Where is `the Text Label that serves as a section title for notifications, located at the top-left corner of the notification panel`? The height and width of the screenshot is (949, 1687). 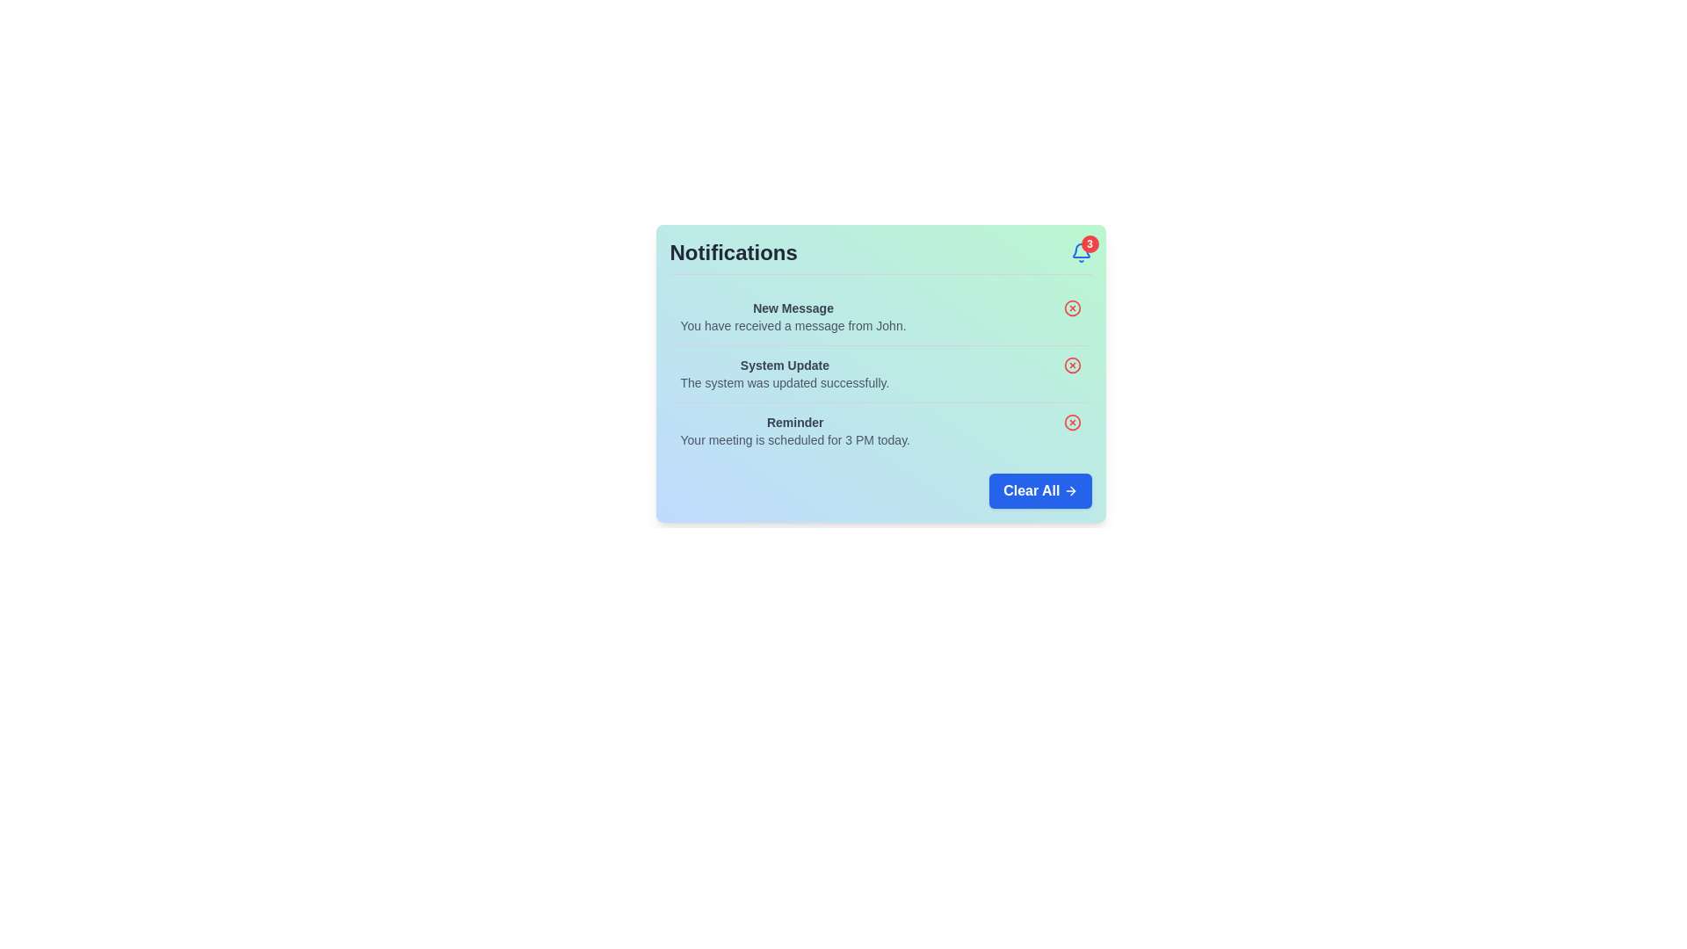
the Text Label that serves as a section title for notifications, located at the top-left corner of the notification panel is located at coordinates (734, 253).